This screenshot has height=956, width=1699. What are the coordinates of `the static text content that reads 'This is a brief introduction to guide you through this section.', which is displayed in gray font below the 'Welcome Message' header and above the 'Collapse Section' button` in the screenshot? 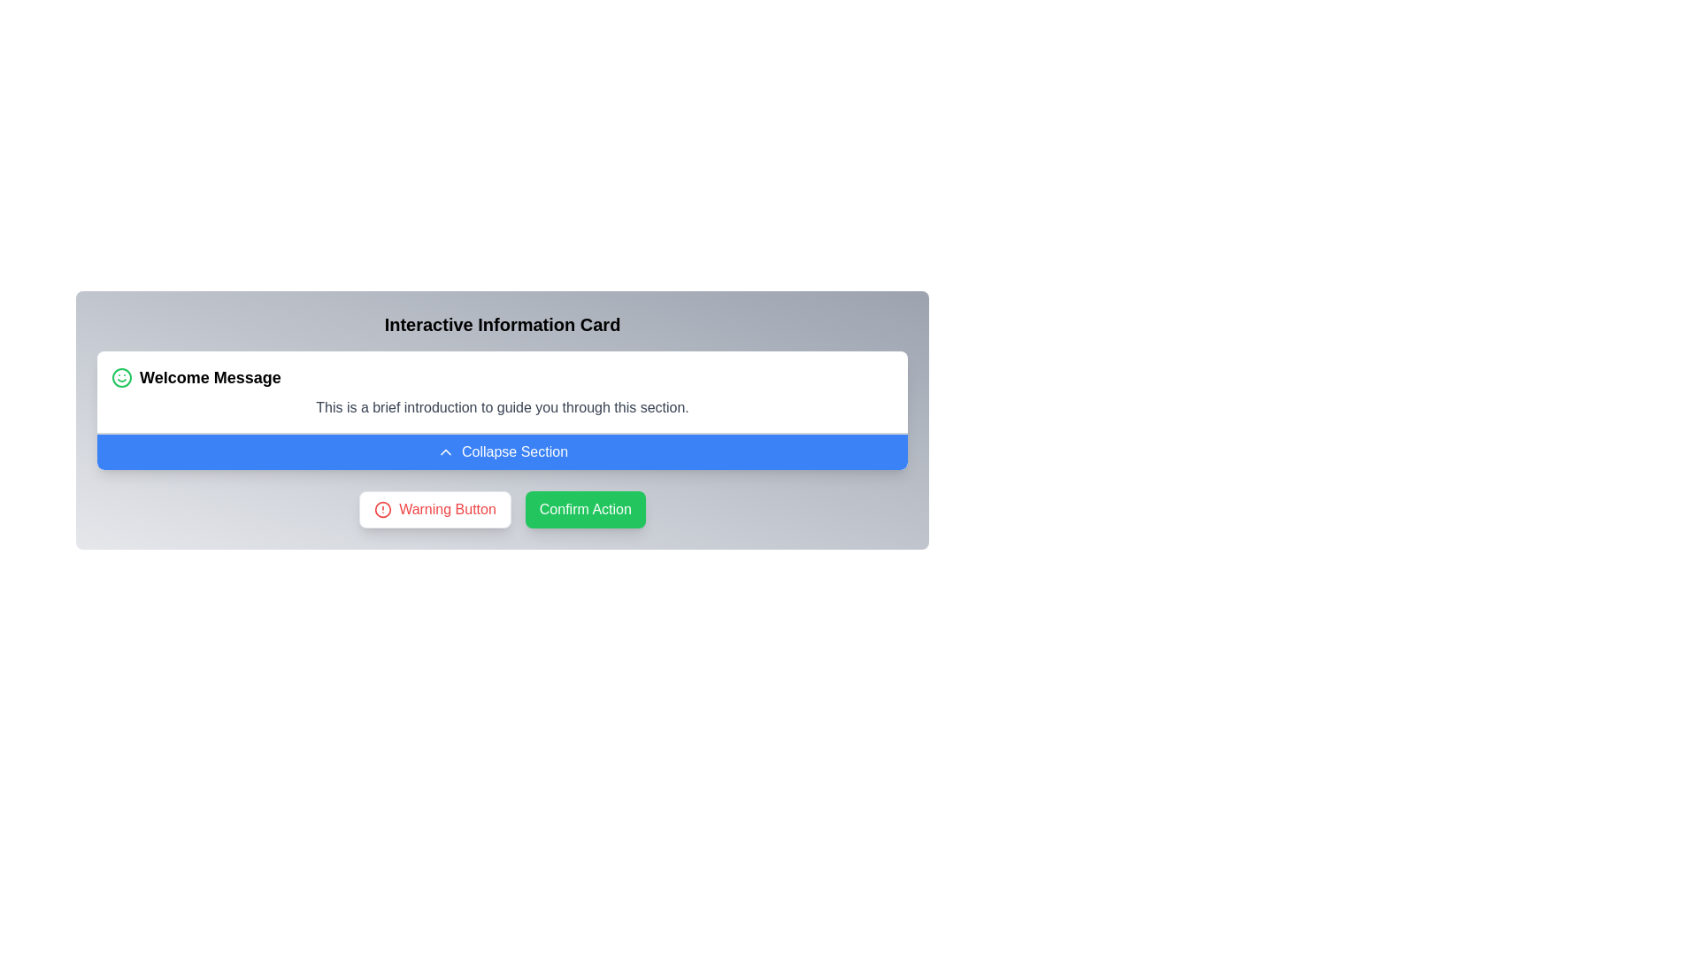 It's located at (501, 408).